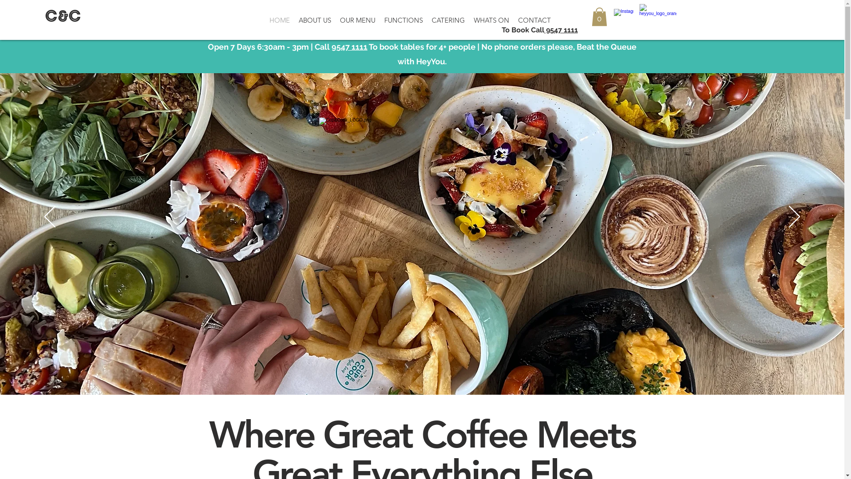 The image size is (851, 479). I want to click on 'CONTACT', so click(513, 20).